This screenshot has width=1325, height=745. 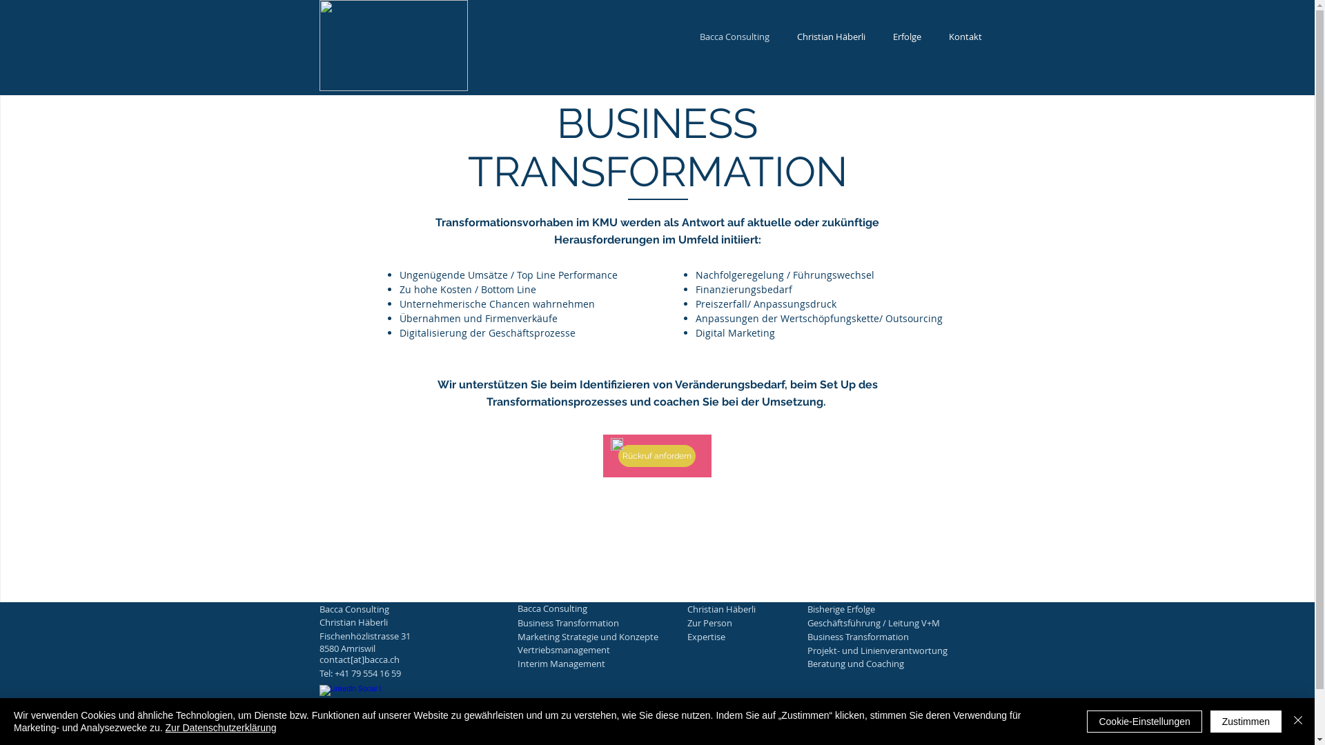 What do you see at coordinates (389, 672) in the screenshot?
I see `'Tel: +41 79 554 16 59'` at bounding box center [389, 672].